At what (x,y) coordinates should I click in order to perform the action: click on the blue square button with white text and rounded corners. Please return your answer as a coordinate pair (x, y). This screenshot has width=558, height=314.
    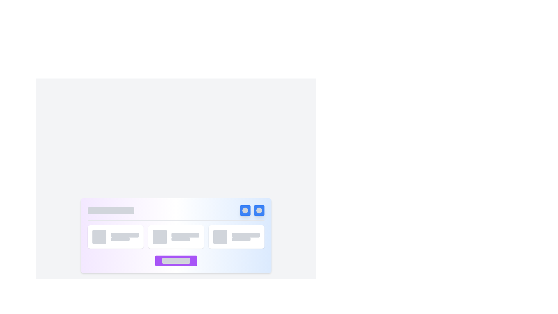
    Looking at the image, I should click on (245, 210).